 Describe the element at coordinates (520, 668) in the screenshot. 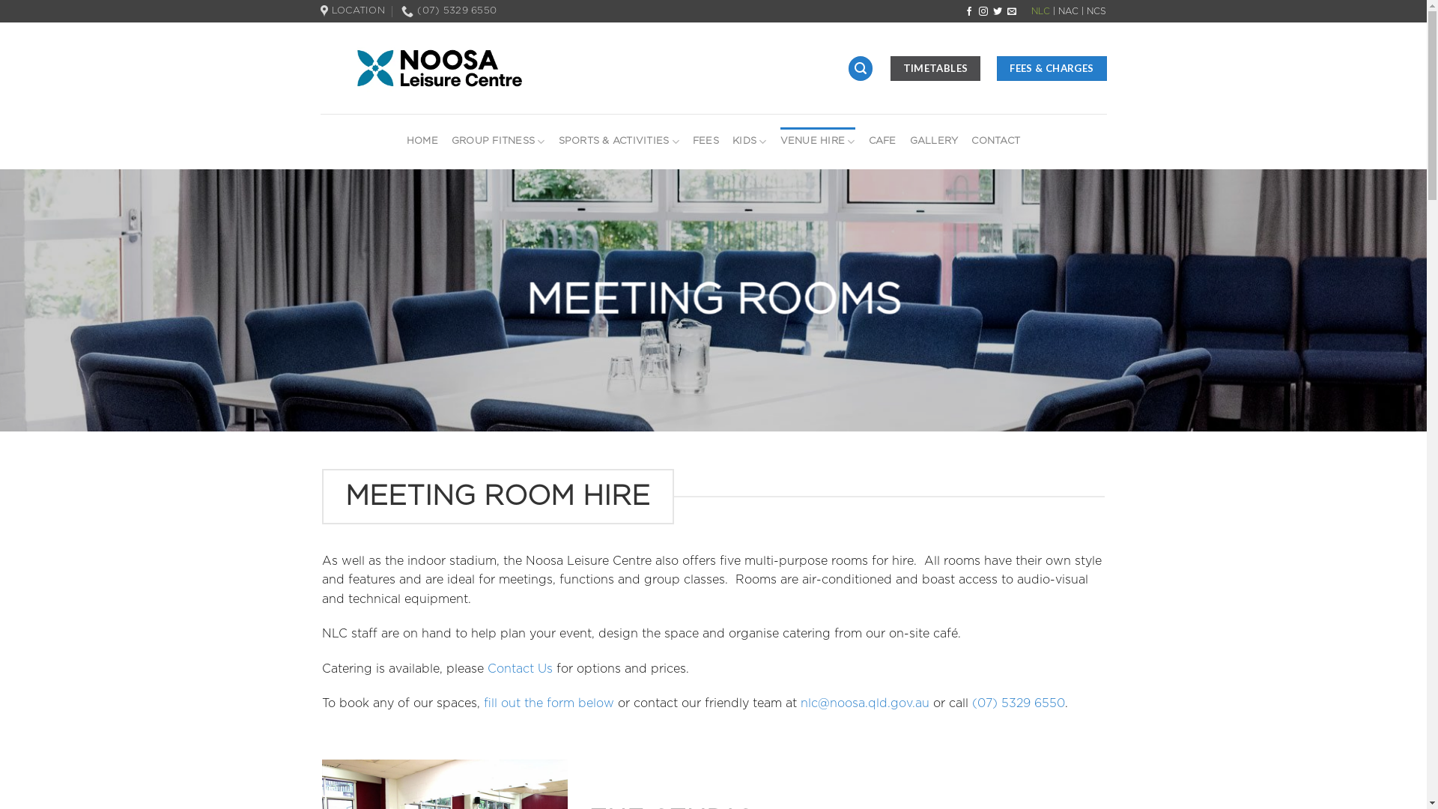

I see `'Contact Us'` at that location.